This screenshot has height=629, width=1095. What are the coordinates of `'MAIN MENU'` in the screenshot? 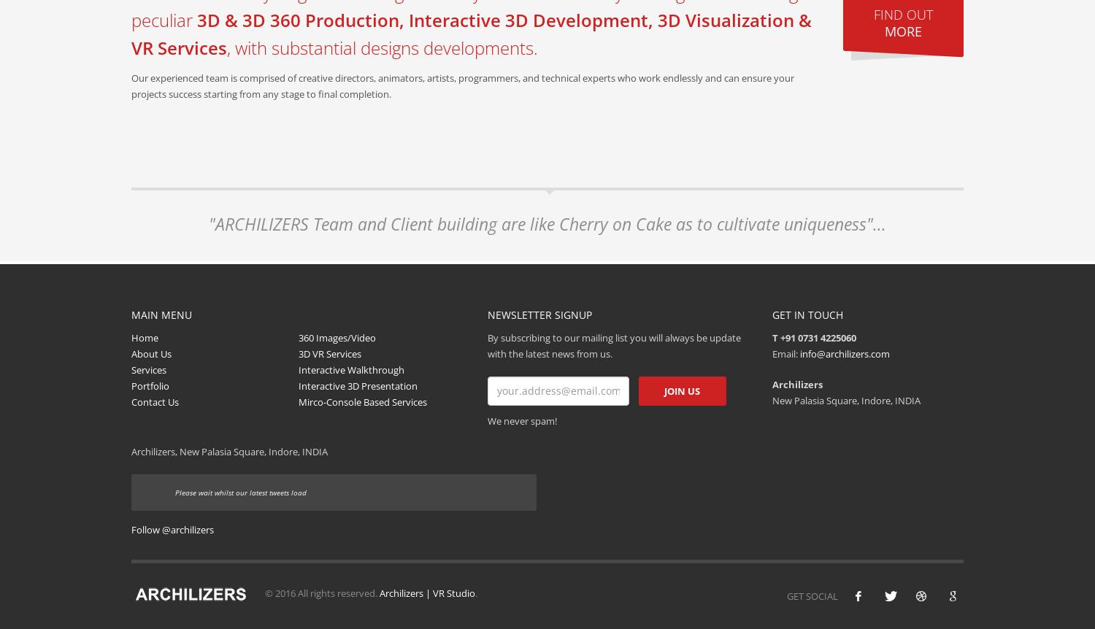 It's located at (161, 314).